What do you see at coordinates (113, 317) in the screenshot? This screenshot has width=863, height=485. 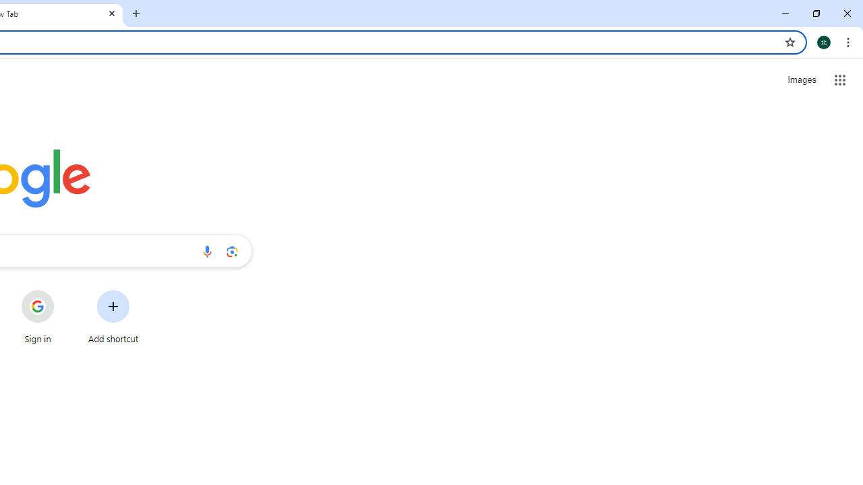 I see `'Add shortcut'` at bounding box center [113, 317].